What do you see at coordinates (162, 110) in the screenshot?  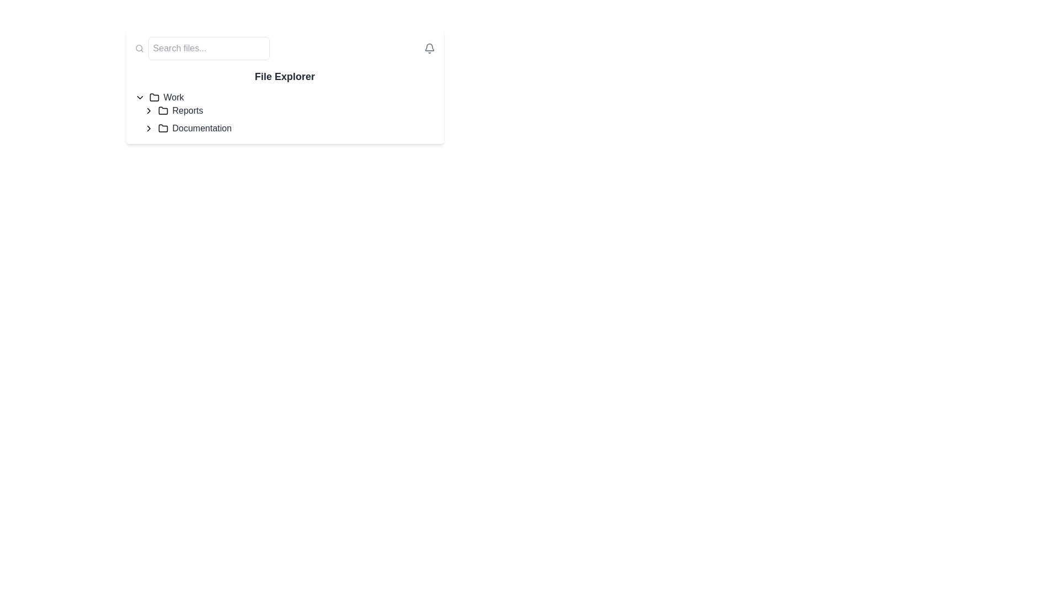 I see `the icon representing the folder associated with 'Reports', which is positioned directly to the left of the text label 'Reports'` at bounding box center [162, 110].